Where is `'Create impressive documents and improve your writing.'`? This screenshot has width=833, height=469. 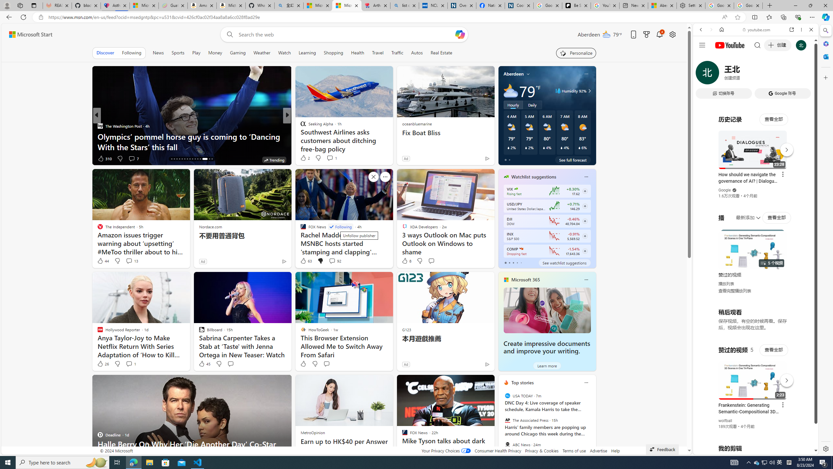 'Create impressive documents and improve your writing.' is located at coordinates (546, 310).